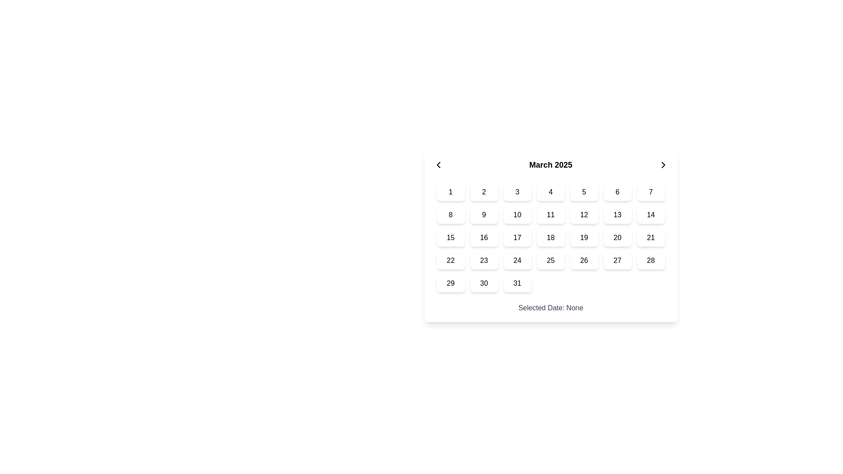 This screenshot has height=474, width=843. I want to click on the date button in the Date Picker, so click(550, 235).